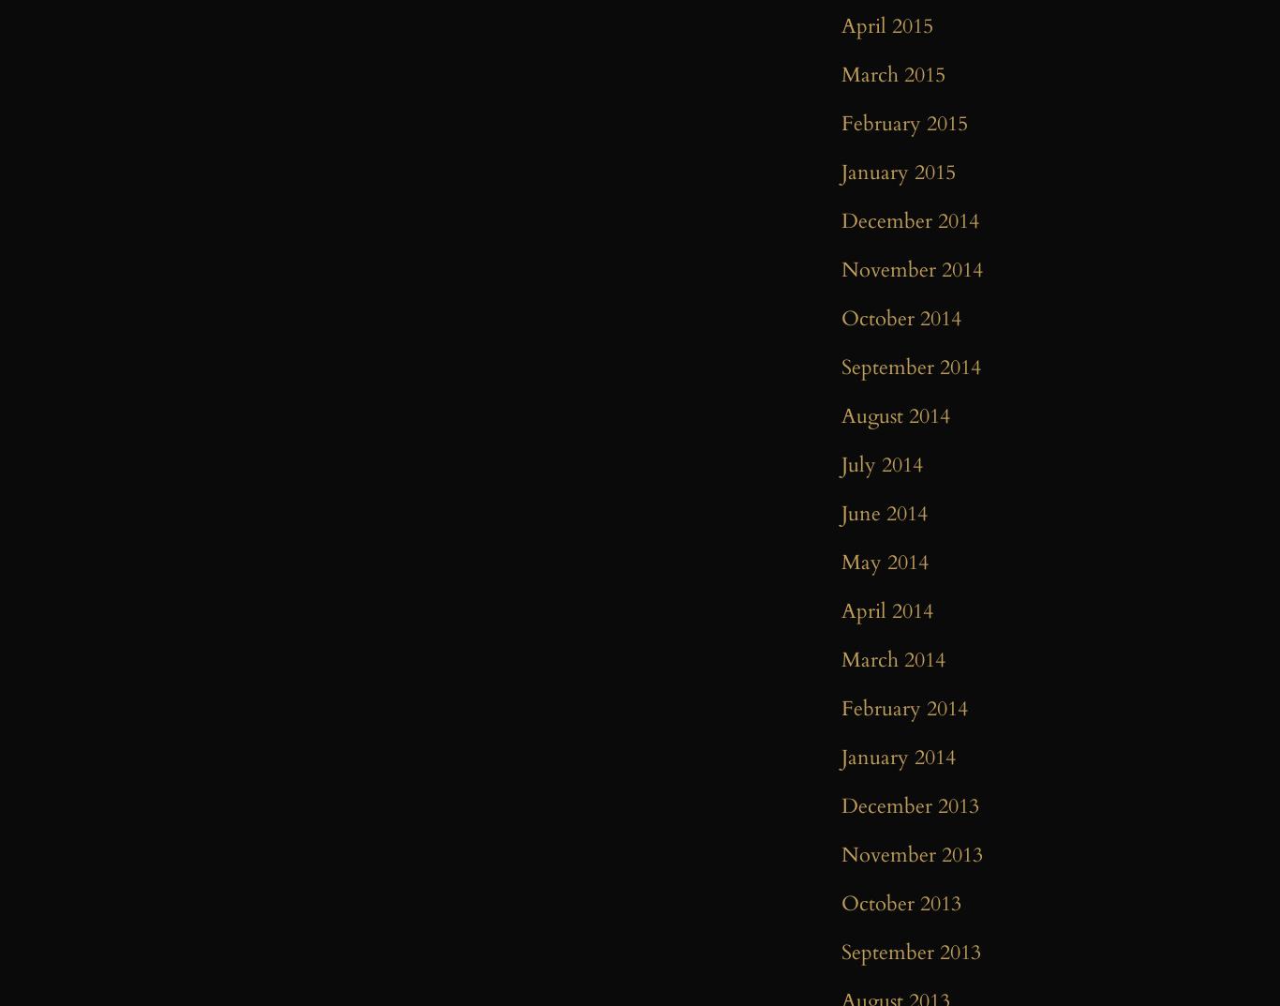  Describe the element at coordinates (912, 855) in the screenshot. I see `'November 2013'` at that location.